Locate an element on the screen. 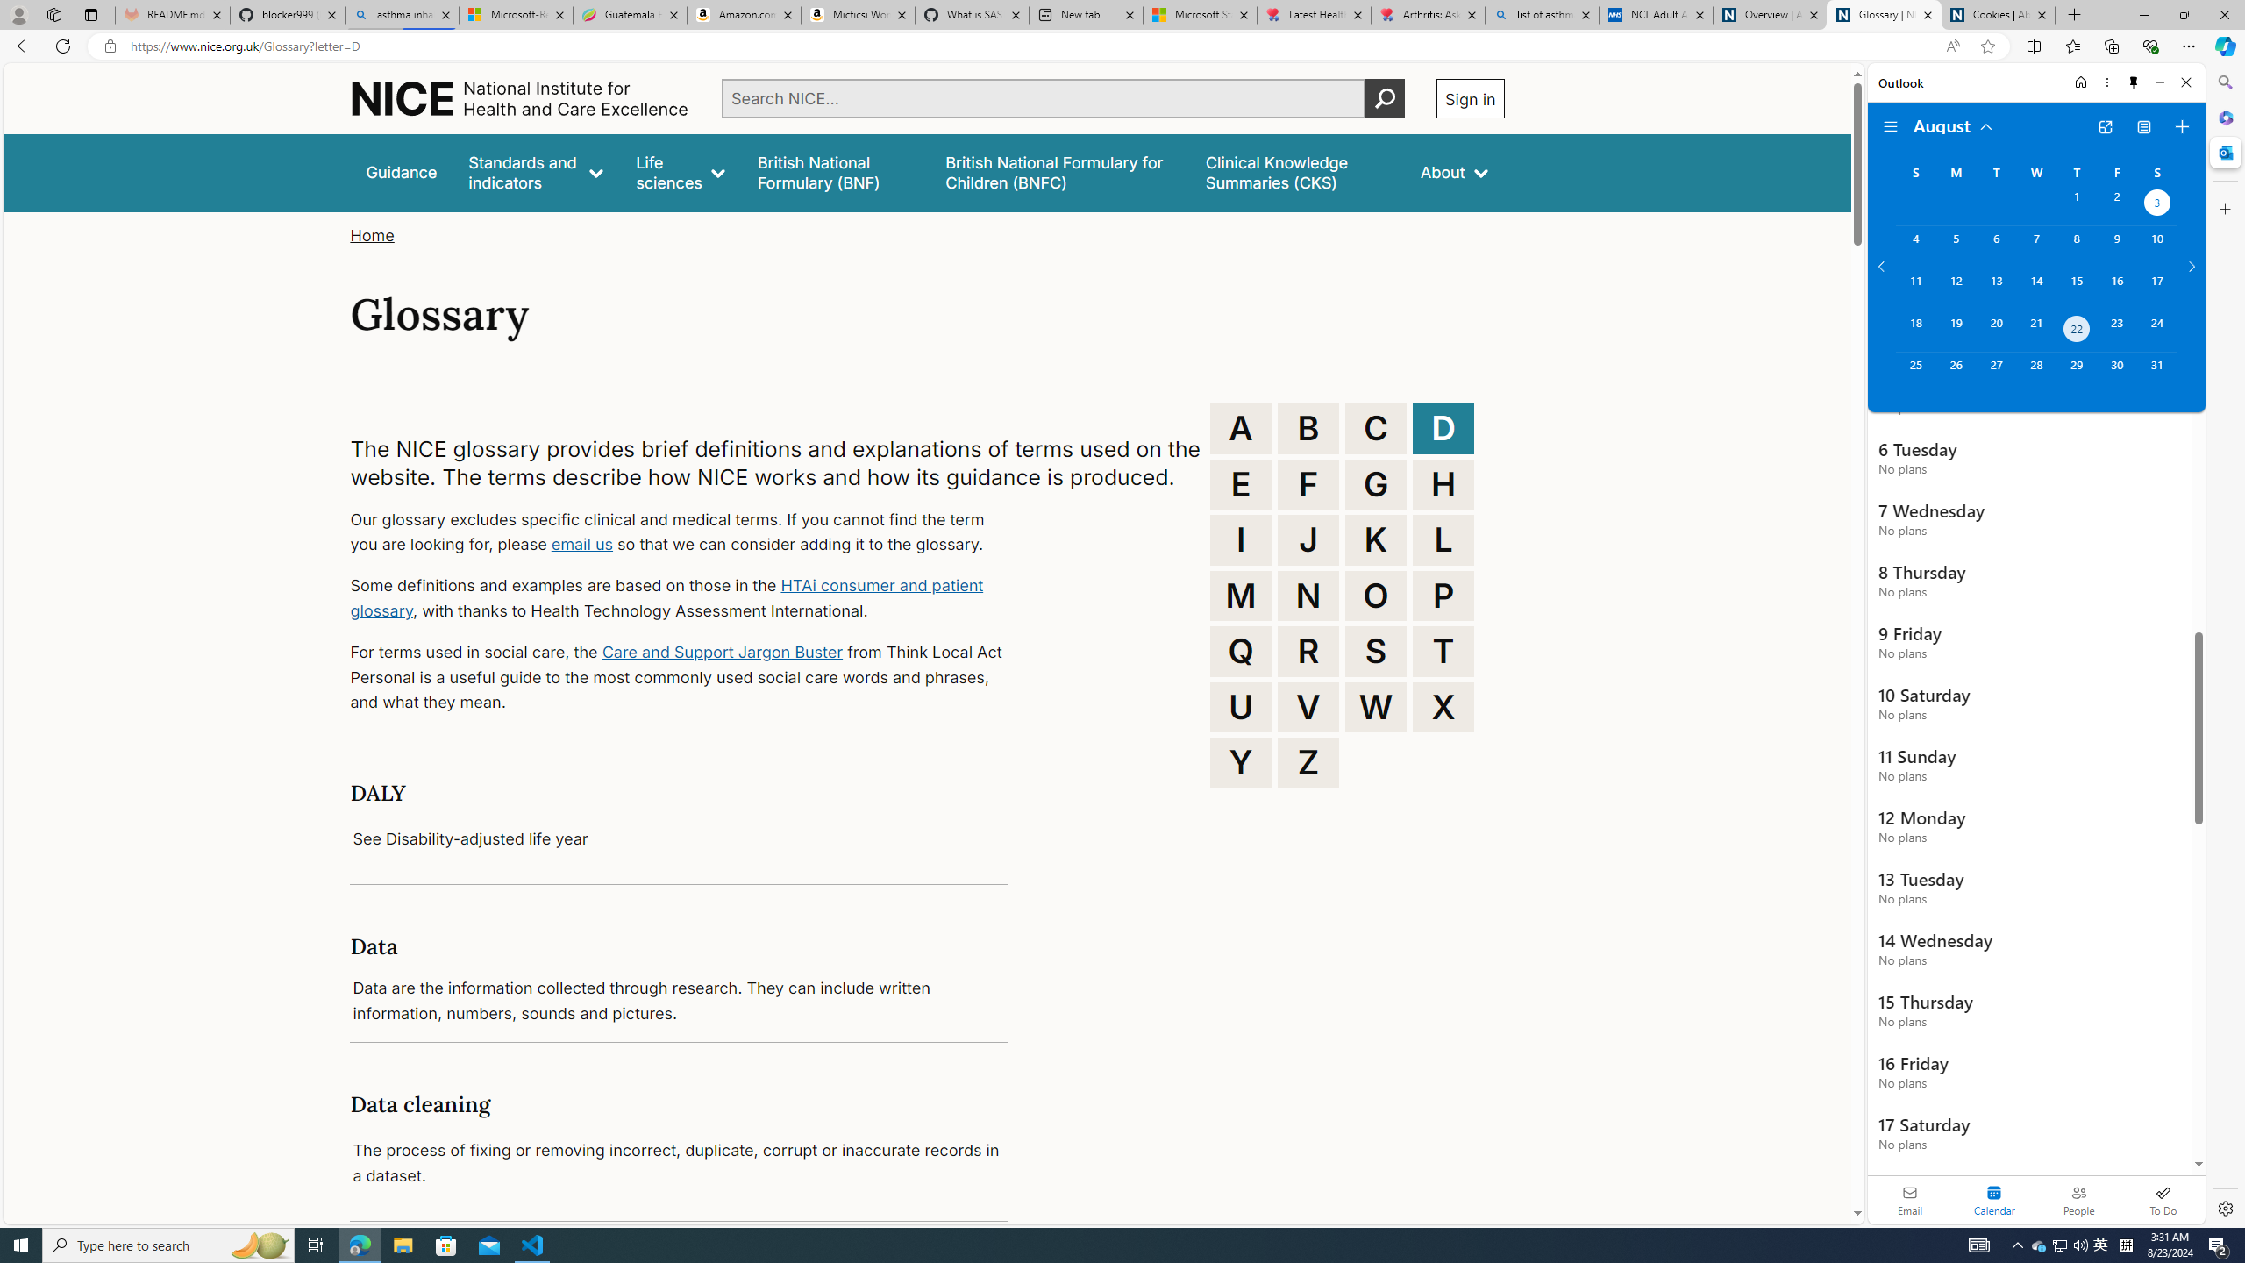 This screenshot has width=2245, height=1263. 'Home' is located at coordinates (2079, 82).